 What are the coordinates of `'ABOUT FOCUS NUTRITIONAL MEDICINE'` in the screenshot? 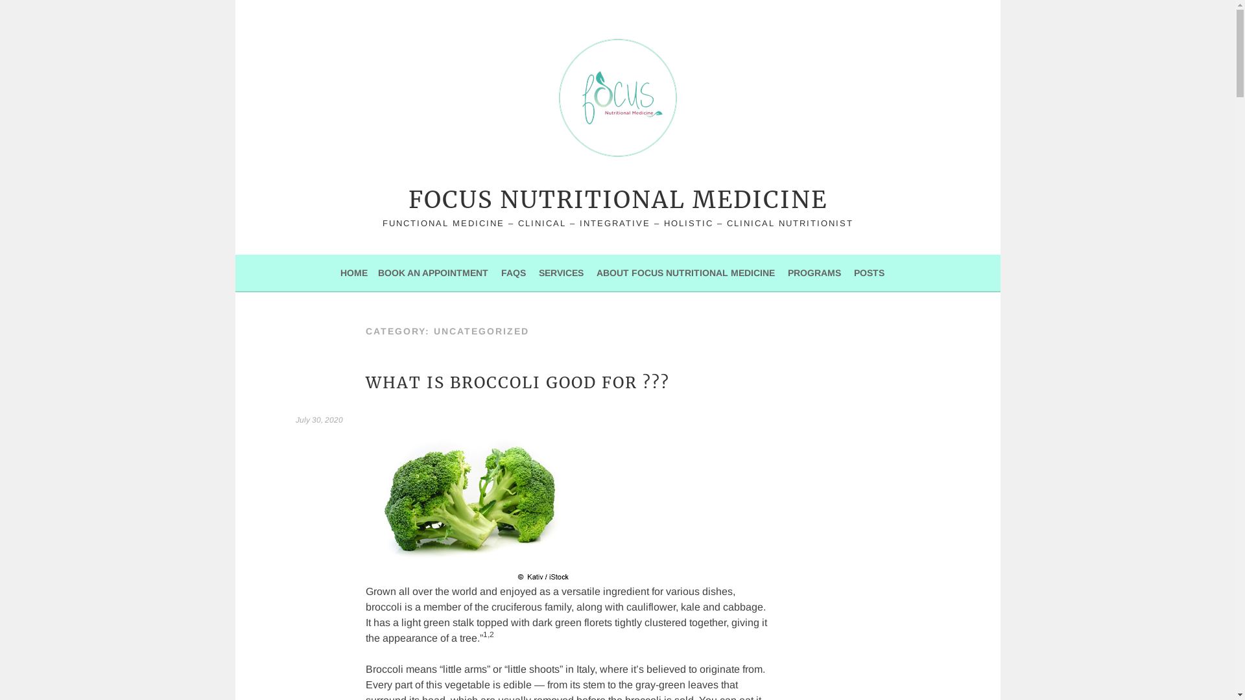 It's located at (685, 272).